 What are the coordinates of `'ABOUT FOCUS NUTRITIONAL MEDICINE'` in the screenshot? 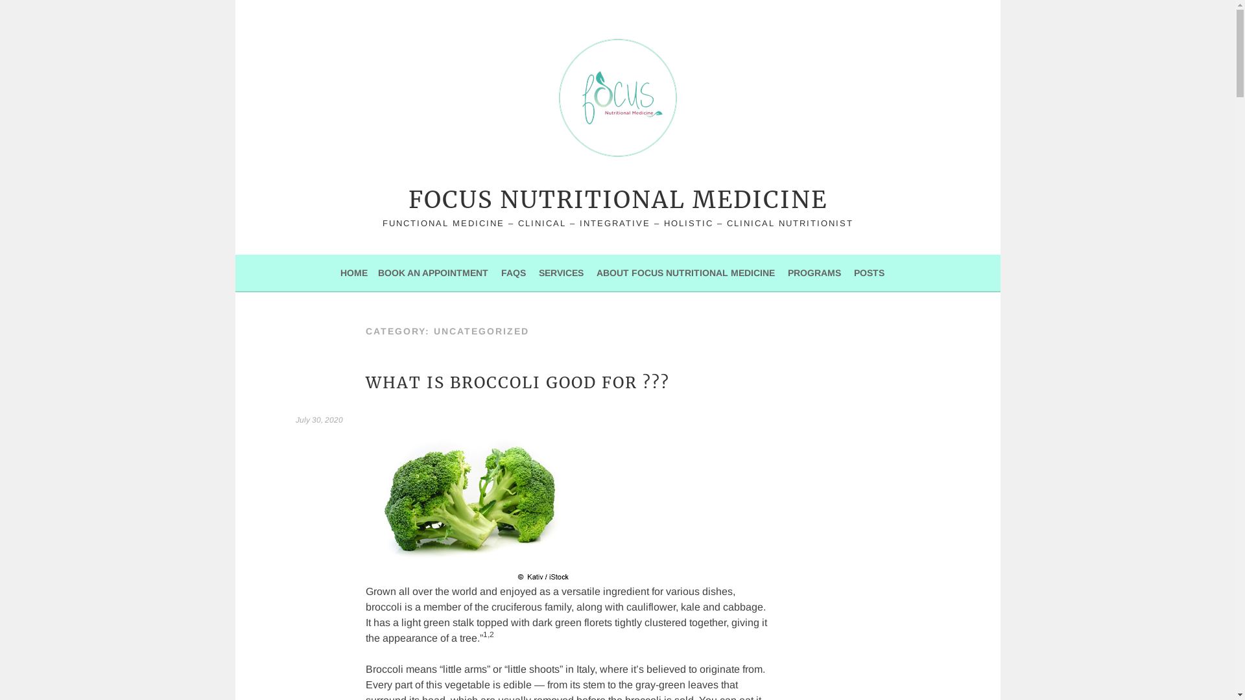 It's located at (685, 272).